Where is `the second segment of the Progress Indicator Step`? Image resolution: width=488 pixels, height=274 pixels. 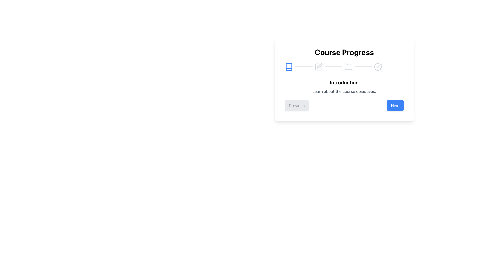 the second segment of the Progress Indicator Step is located at coordinates (329, 66).